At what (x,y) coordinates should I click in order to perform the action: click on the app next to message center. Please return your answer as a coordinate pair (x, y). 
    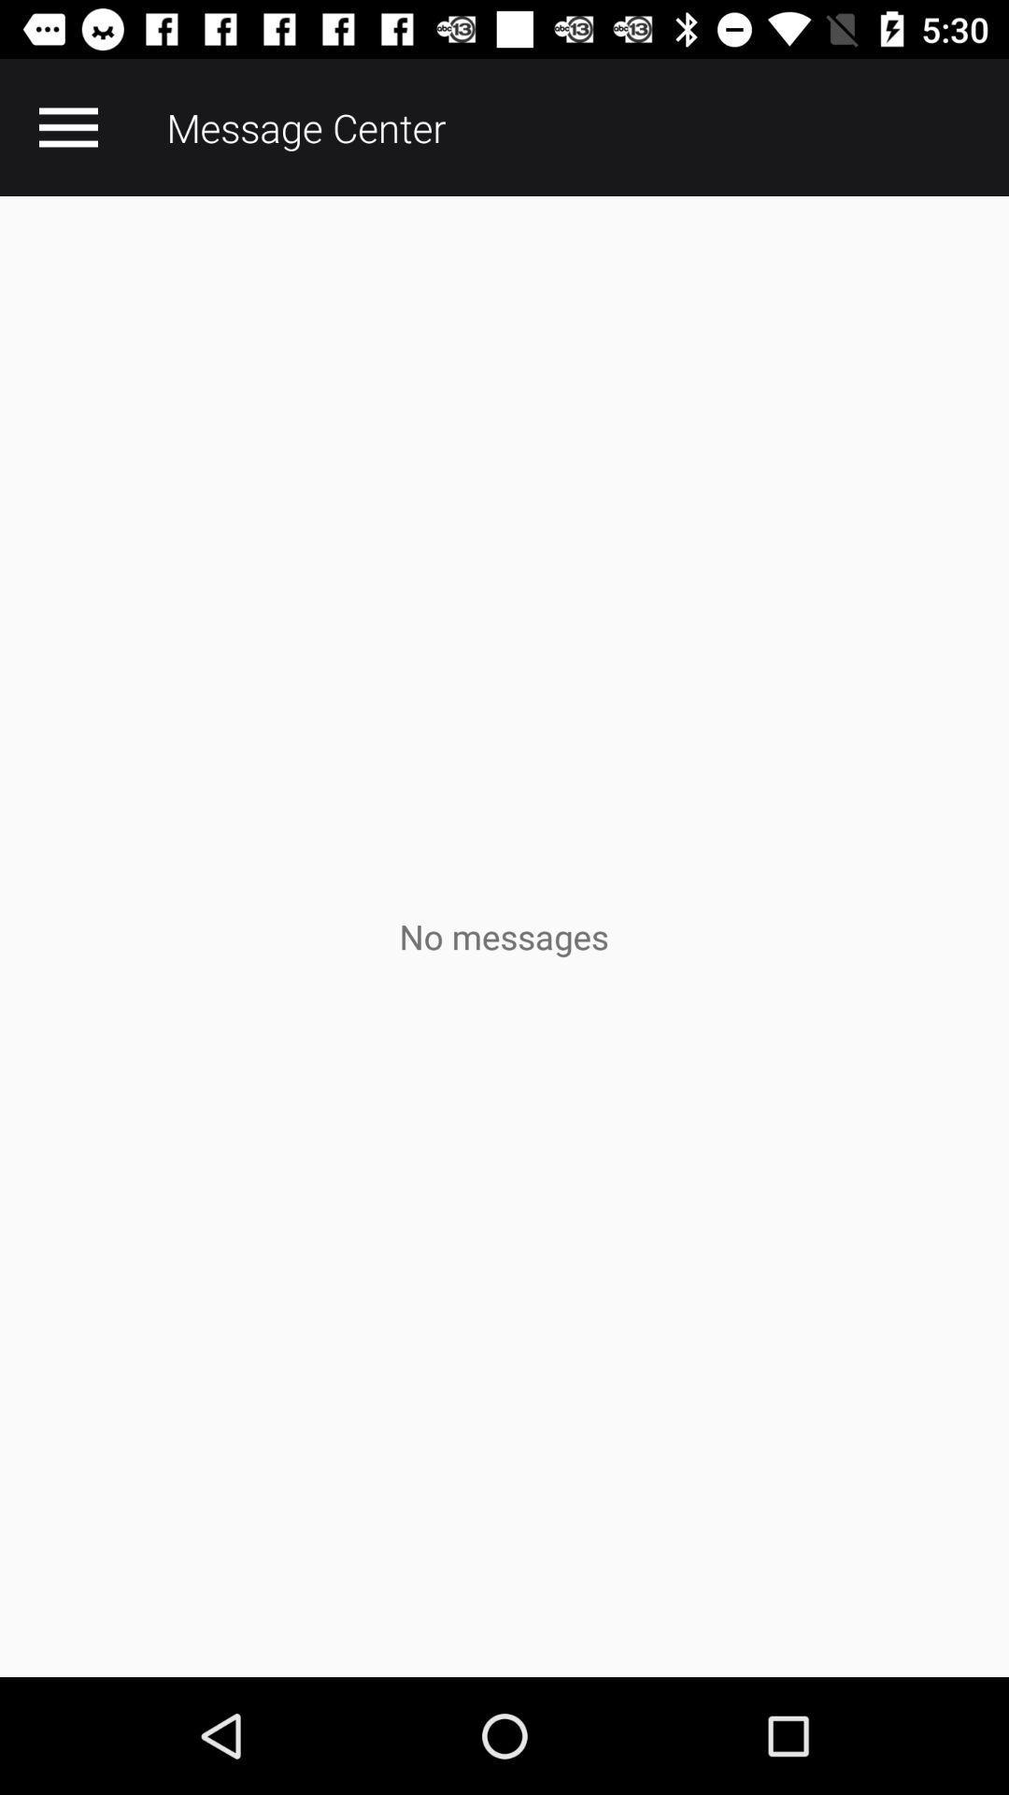
    Looking at the image, I should click on (67, 126).